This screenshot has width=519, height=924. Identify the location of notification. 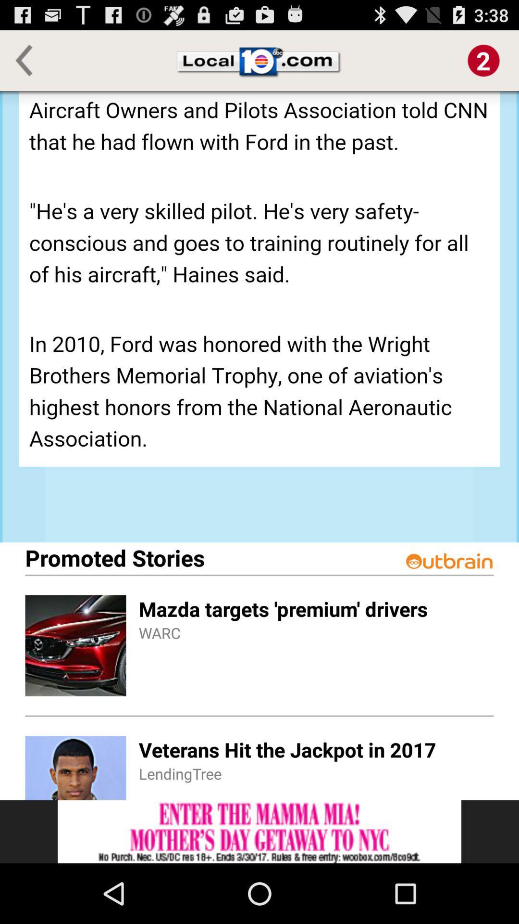
(483, 60).